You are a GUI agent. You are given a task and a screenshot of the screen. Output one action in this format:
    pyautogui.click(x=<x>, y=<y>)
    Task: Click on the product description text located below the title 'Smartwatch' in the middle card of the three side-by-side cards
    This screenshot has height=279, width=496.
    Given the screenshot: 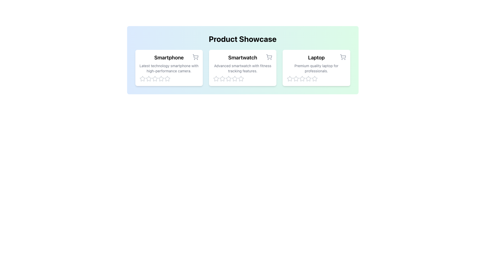 What is the action you would take?
    pyautogui.click(x=242, y=68)
    